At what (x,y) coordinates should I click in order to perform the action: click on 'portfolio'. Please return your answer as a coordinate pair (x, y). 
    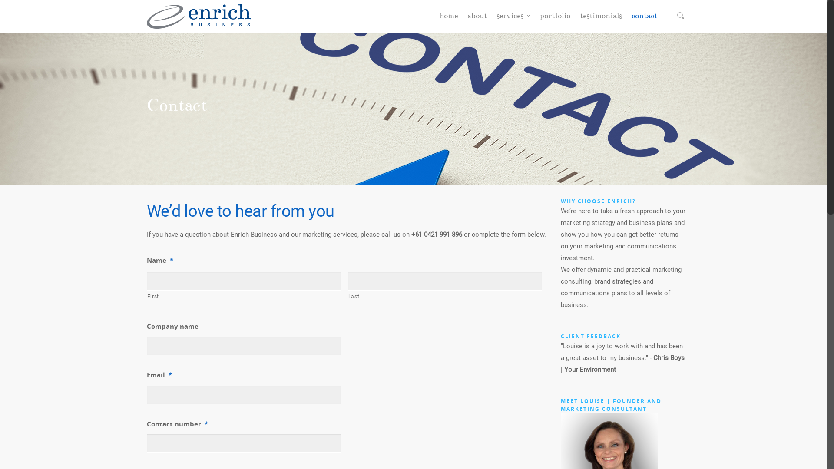
    Looking at the image, I should click on (535, 18).